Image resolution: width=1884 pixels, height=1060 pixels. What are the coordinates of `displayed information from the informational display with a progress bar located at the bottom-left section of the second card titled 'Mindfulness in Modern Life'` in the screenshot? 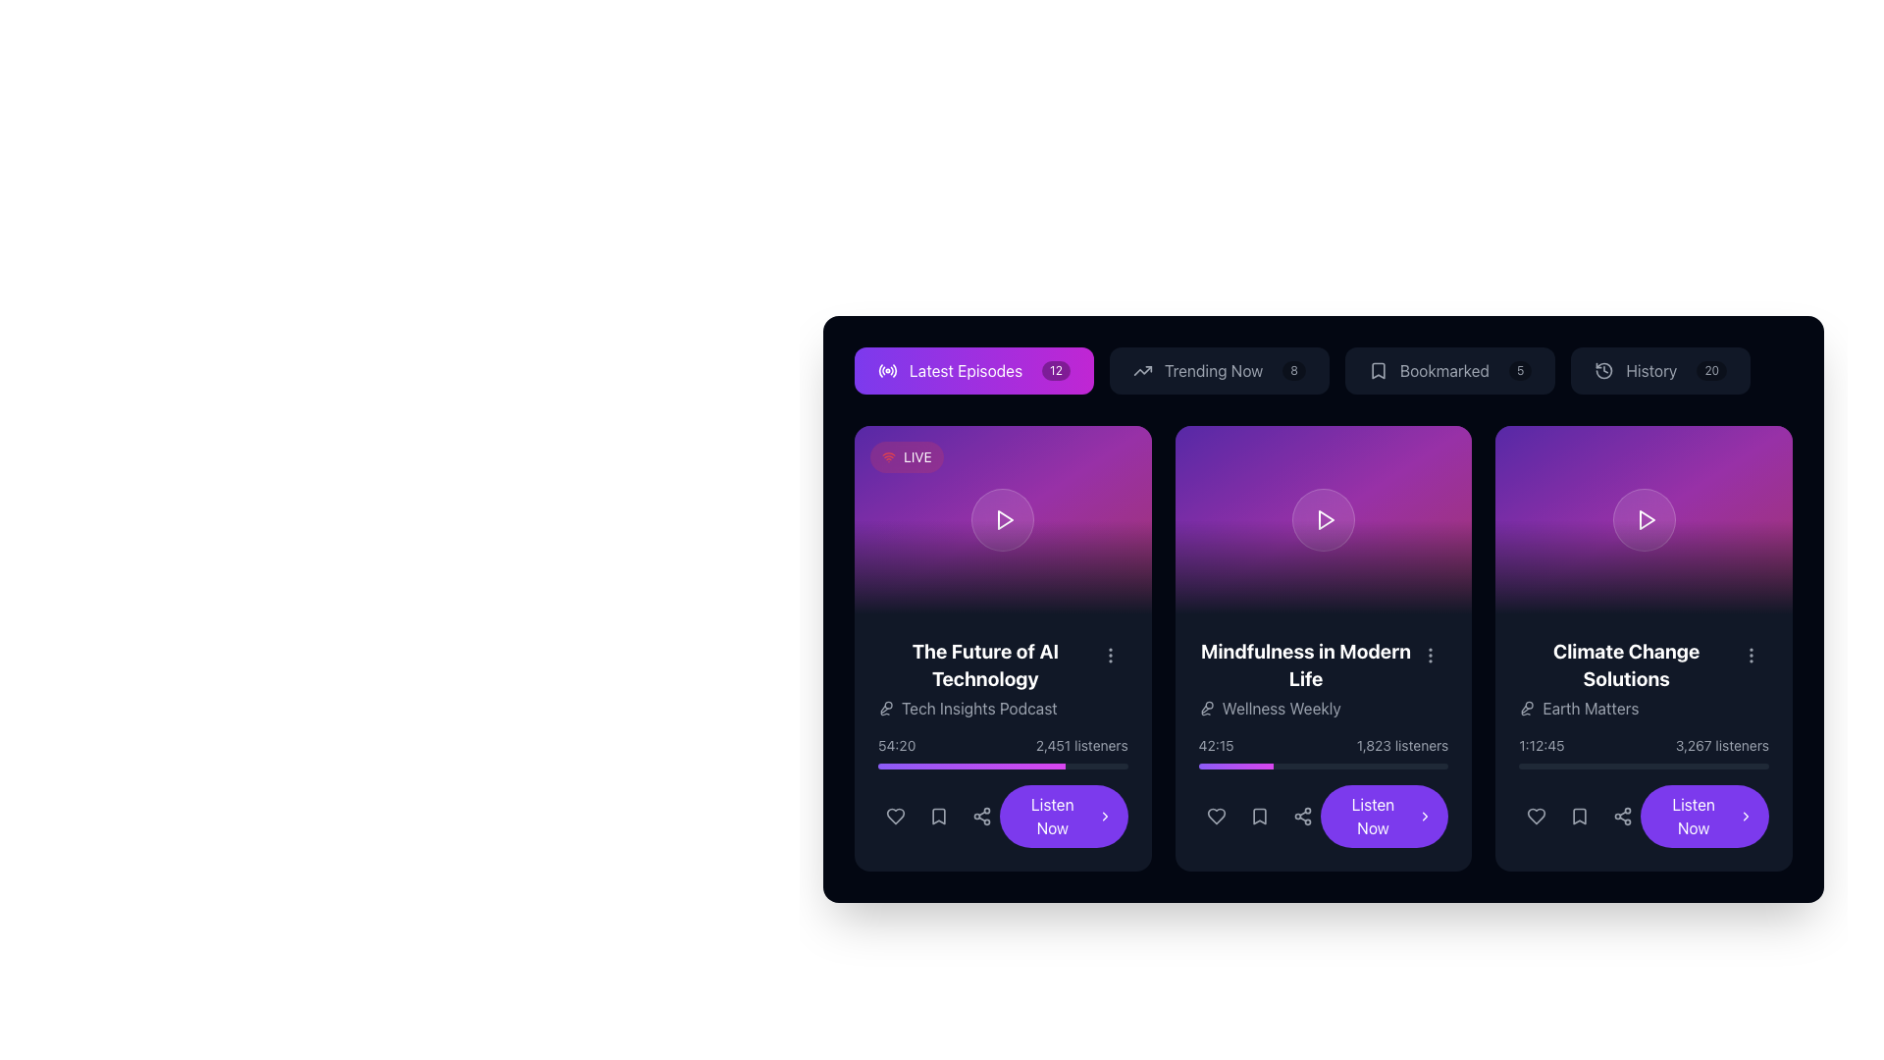 It's located at (1323, 752).